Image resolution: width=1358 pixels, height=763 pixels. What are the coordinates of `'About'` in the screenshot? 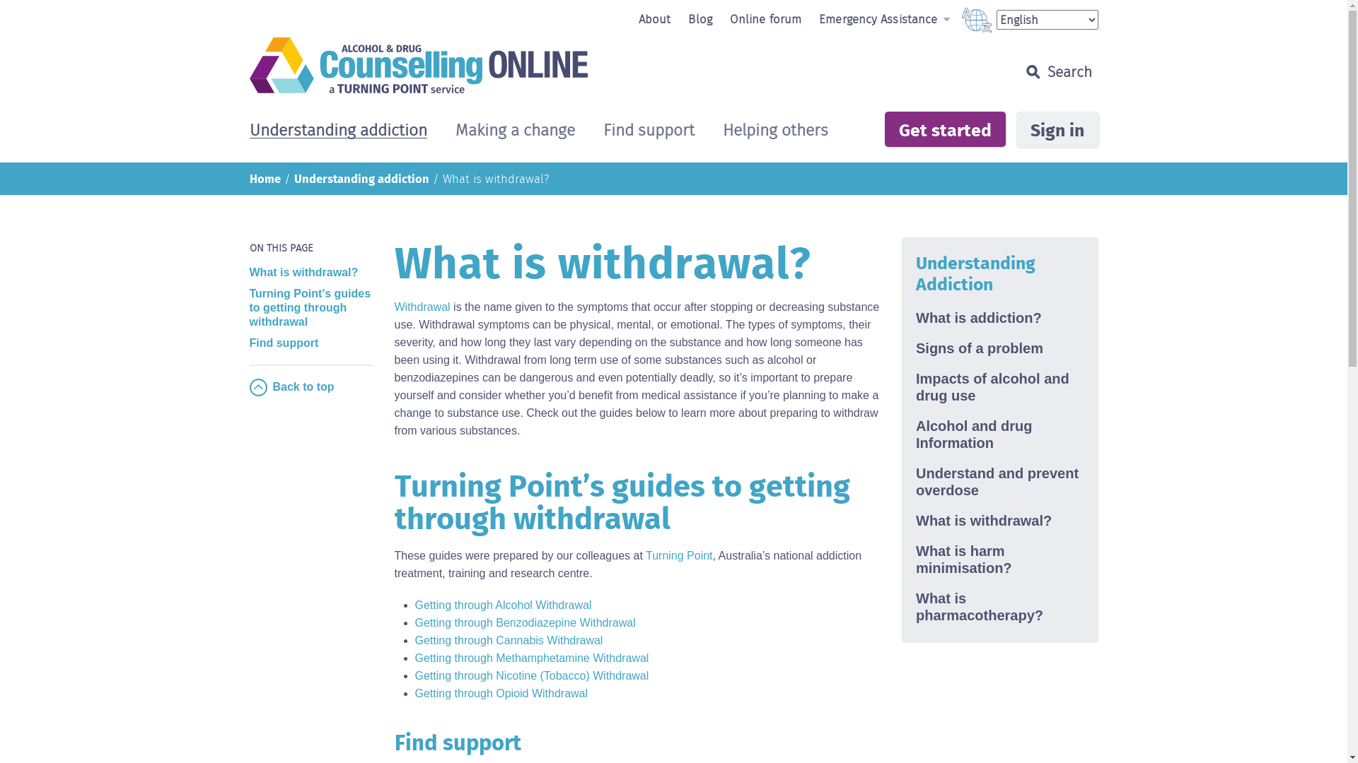 It's located at (654, 19).